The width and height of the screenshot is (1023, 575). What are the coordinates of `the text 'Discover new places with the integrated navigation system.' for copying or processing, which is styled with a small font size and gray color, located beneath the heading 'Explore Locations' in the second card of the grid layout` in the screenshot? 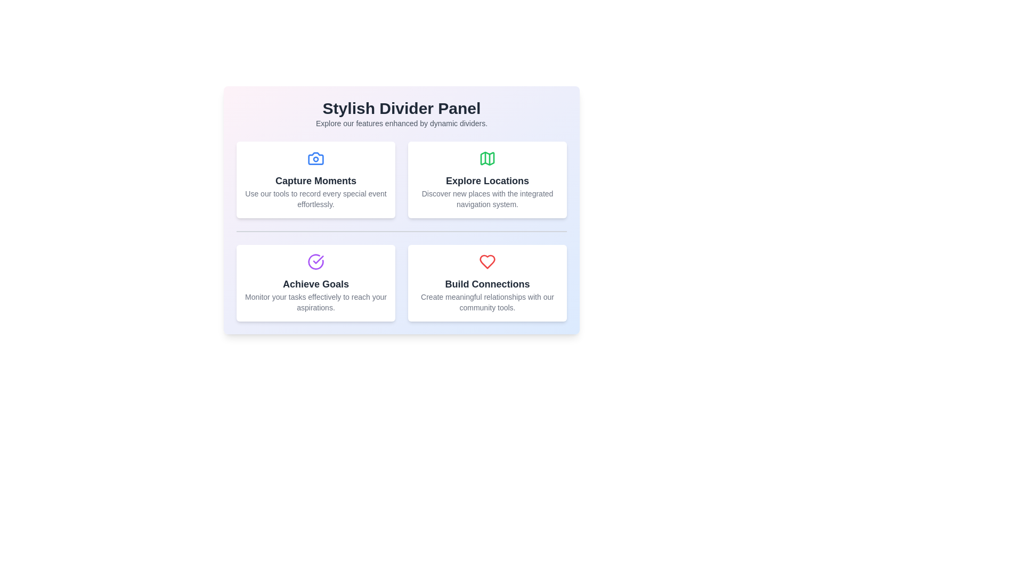 It's located at (487, 199).